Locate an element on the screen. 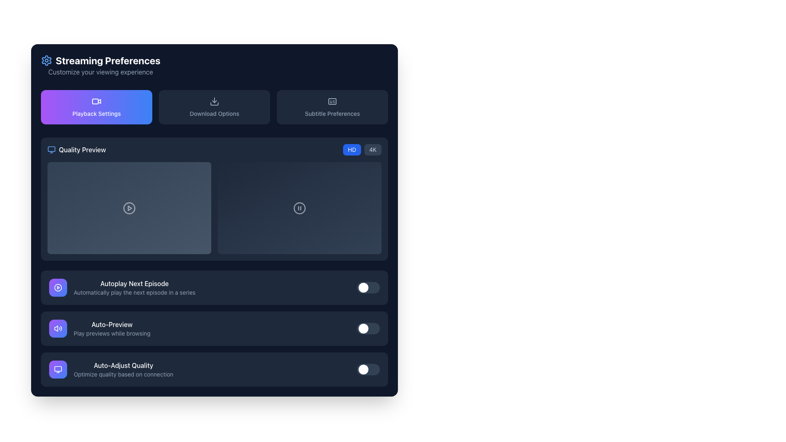 The width and height of the screenshot is (786, 442). the SVG circle element that is part of the play button for the 'Autoplay Next Episode' setting section is located at coordinates (58, 287).